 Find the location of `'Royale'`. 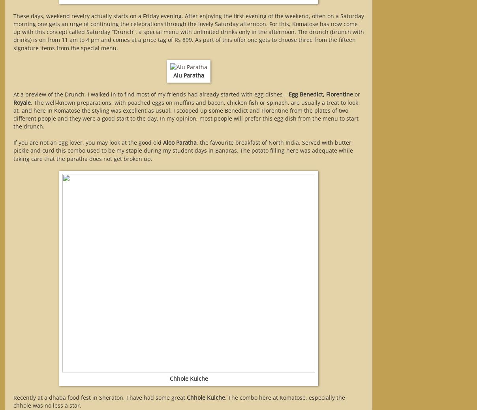

'Royale' is located at coordinates (22, 102).